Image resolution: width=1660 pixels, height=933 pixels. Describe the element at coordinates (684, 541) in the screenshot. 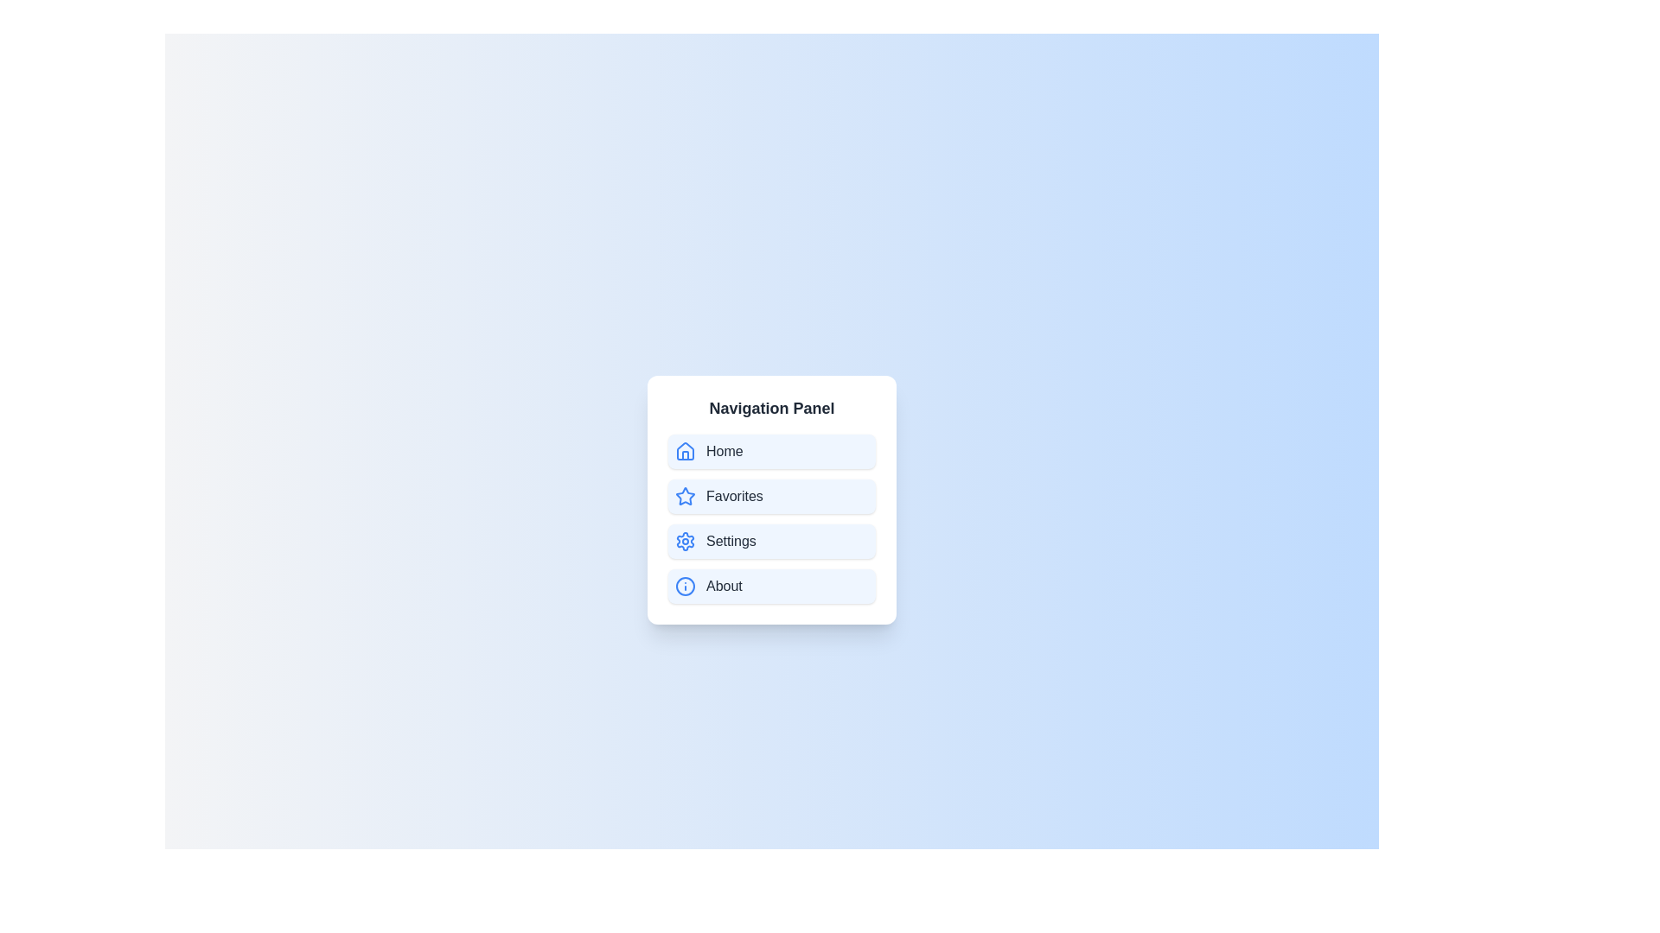

I see `the cog-shaped settings icon located in the navigation panel` at that location.